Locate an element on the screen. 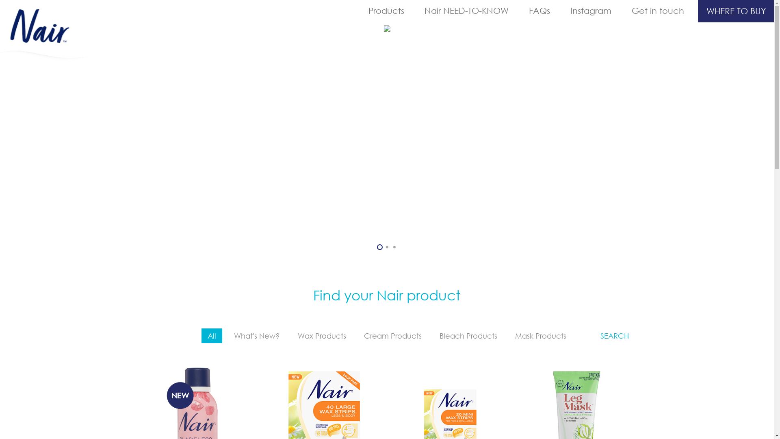  '3' is located at coordinates (394, 247).